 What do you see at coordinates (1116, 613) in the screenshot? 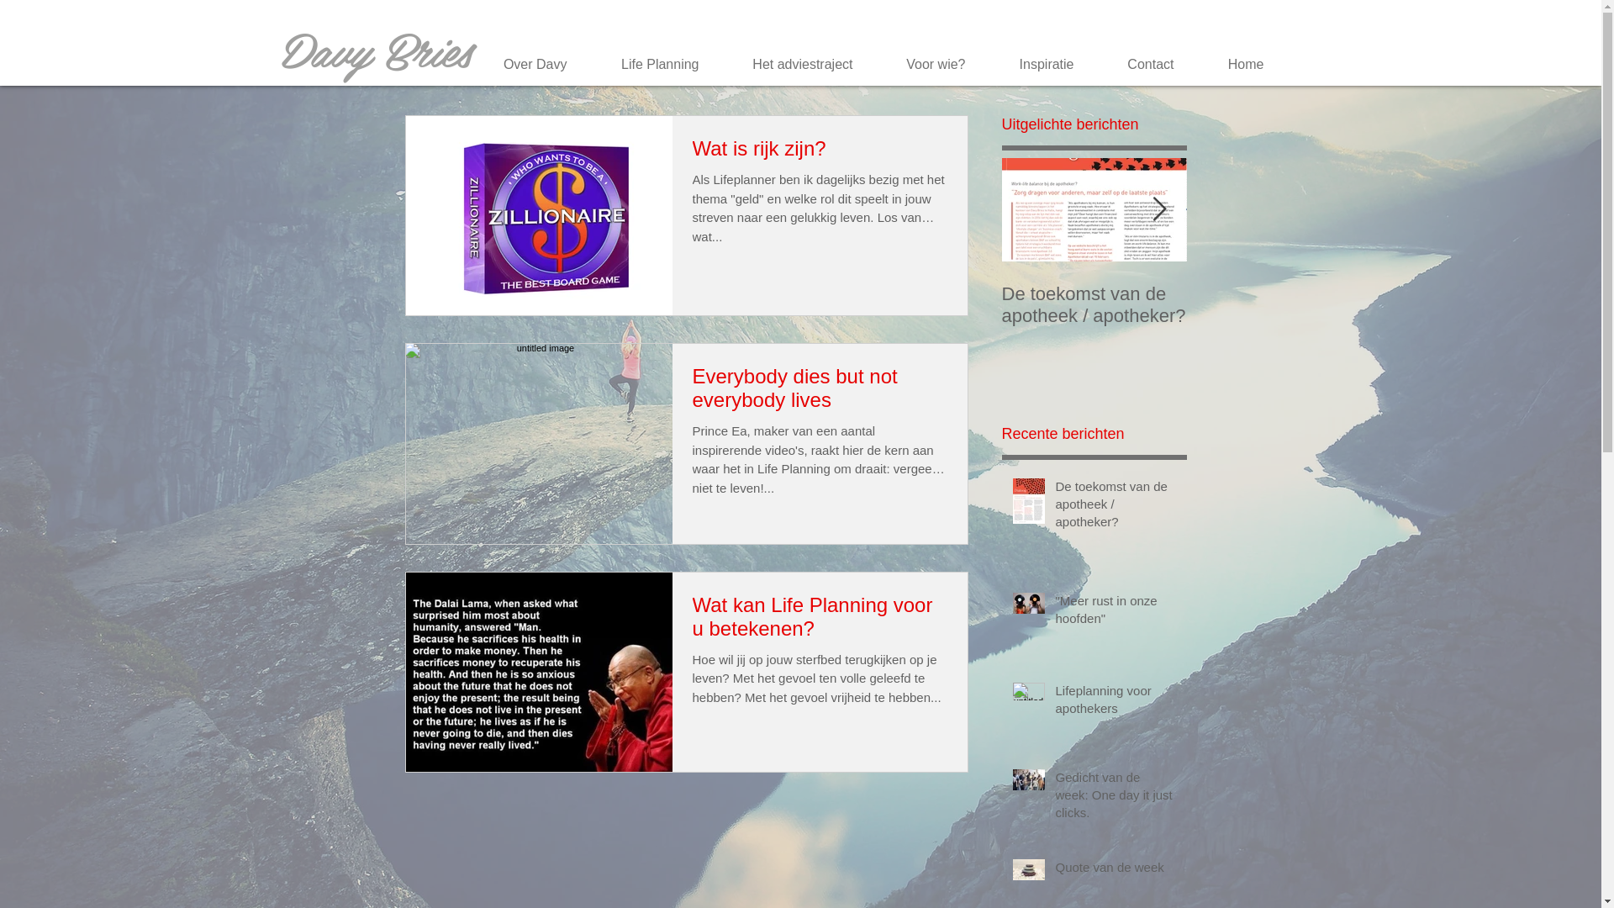
I see `'"Meer rust in onze hoofden"'` at bounding box center [1116, 613].